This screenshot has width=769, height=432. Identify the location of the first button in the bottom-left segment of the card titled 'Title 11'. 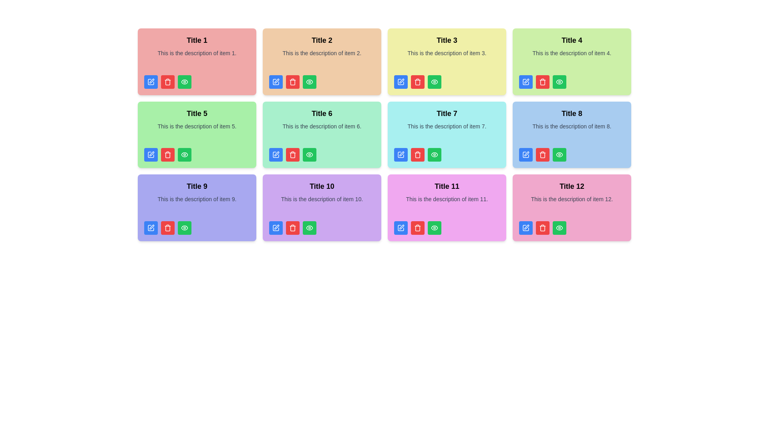
(401, 228).